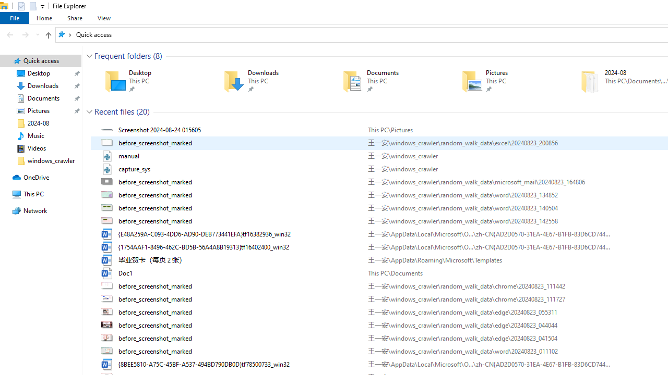 This screenshot has height=375, width=668. What do you see at coordinates (27, 6) in the screenshot?
I see `'Quick Access Toolbar'` at bounding box center [27, 6].